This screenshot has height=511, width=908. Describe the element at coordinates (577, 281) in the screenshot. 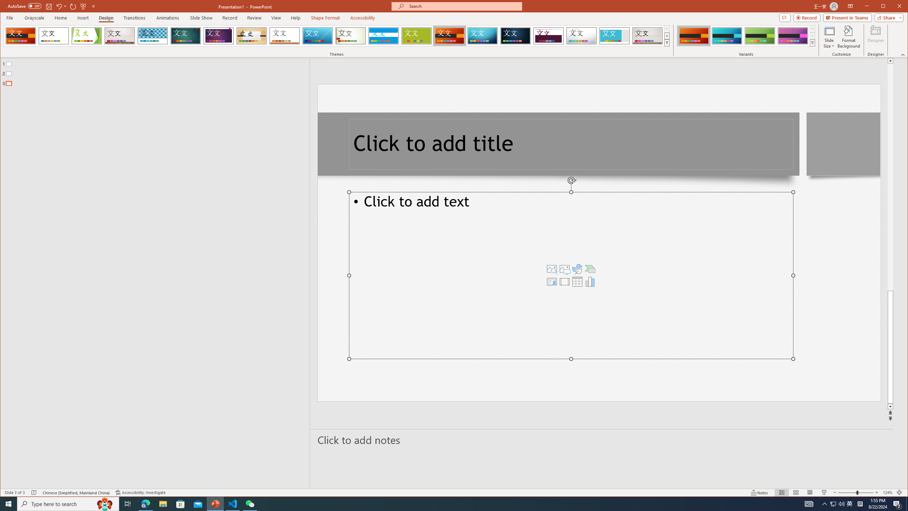

I see `'Insert Table'` at that location.